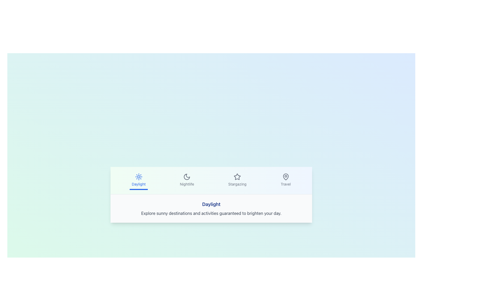 Image resolution: width=504 pixels, height=283 pixels. Describe the element at coordinates (187, 184) in the screenshot. I see `the 'Nightlife' text label located centrally in the navigation bar under the crescent moon icon` at that location.